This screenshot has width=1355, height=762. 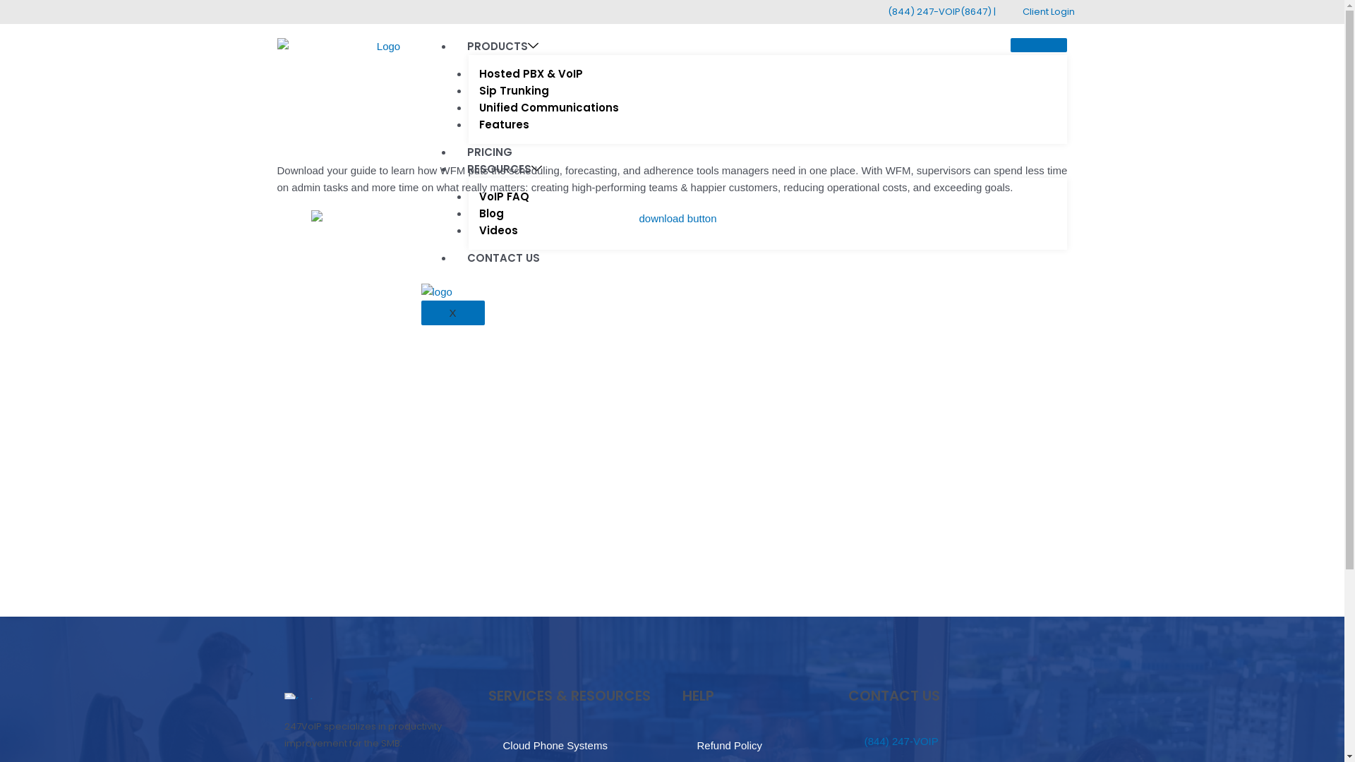 I want to click on 'X', so click(x=452, y=312).